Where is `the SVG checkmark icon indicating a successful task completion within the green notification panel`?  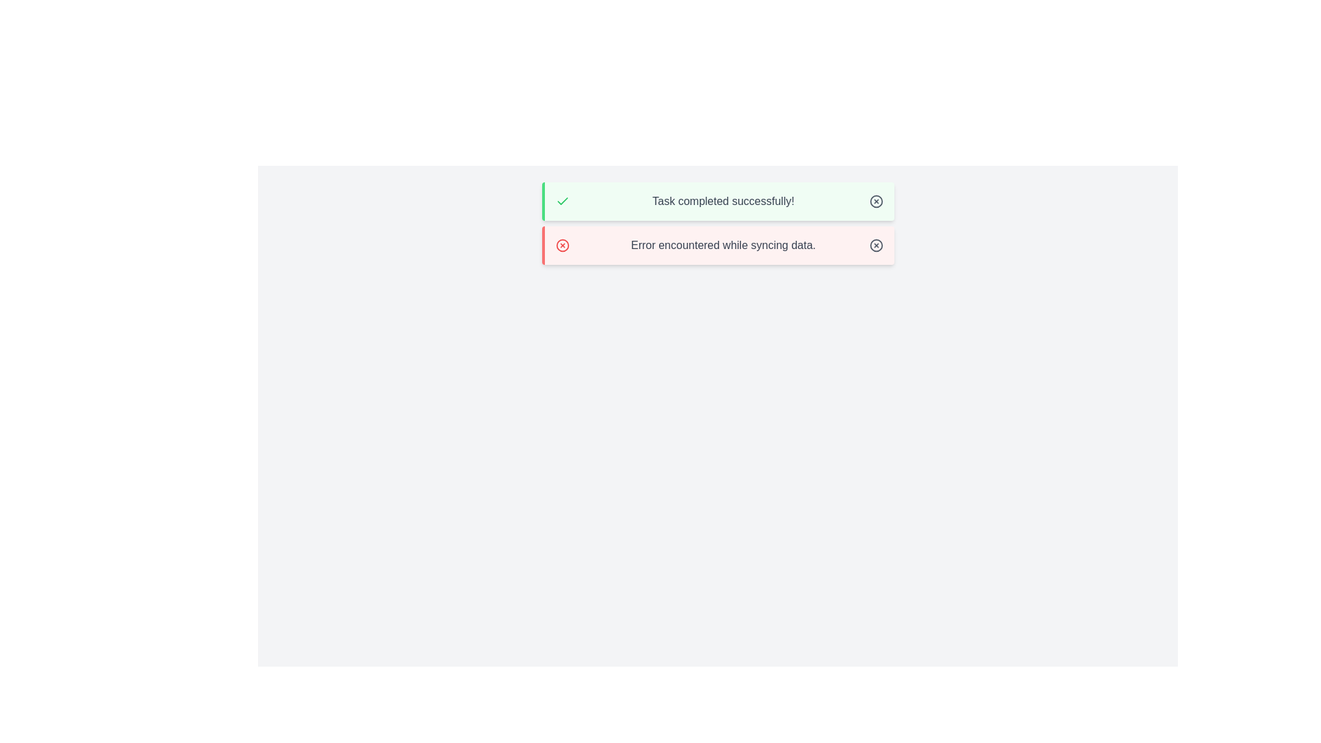 the SVG checkmark icon indicating a successful task completion within the green notification panel is located at coordinates (562, 201).